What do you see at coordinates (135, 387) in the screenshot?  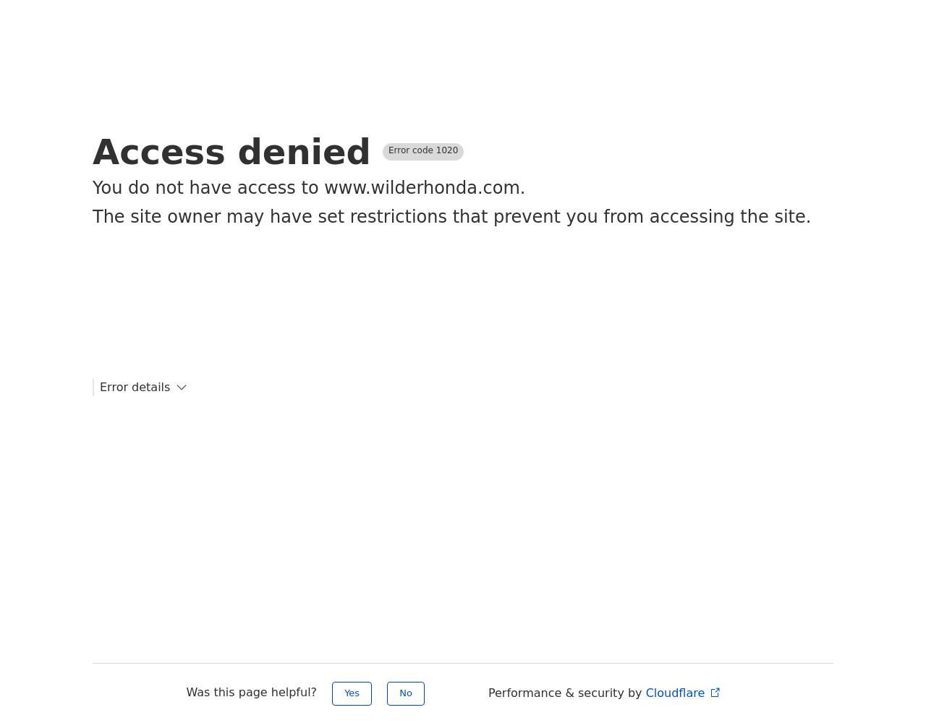 I see `'Error details'` at bounding box center [135, 387].